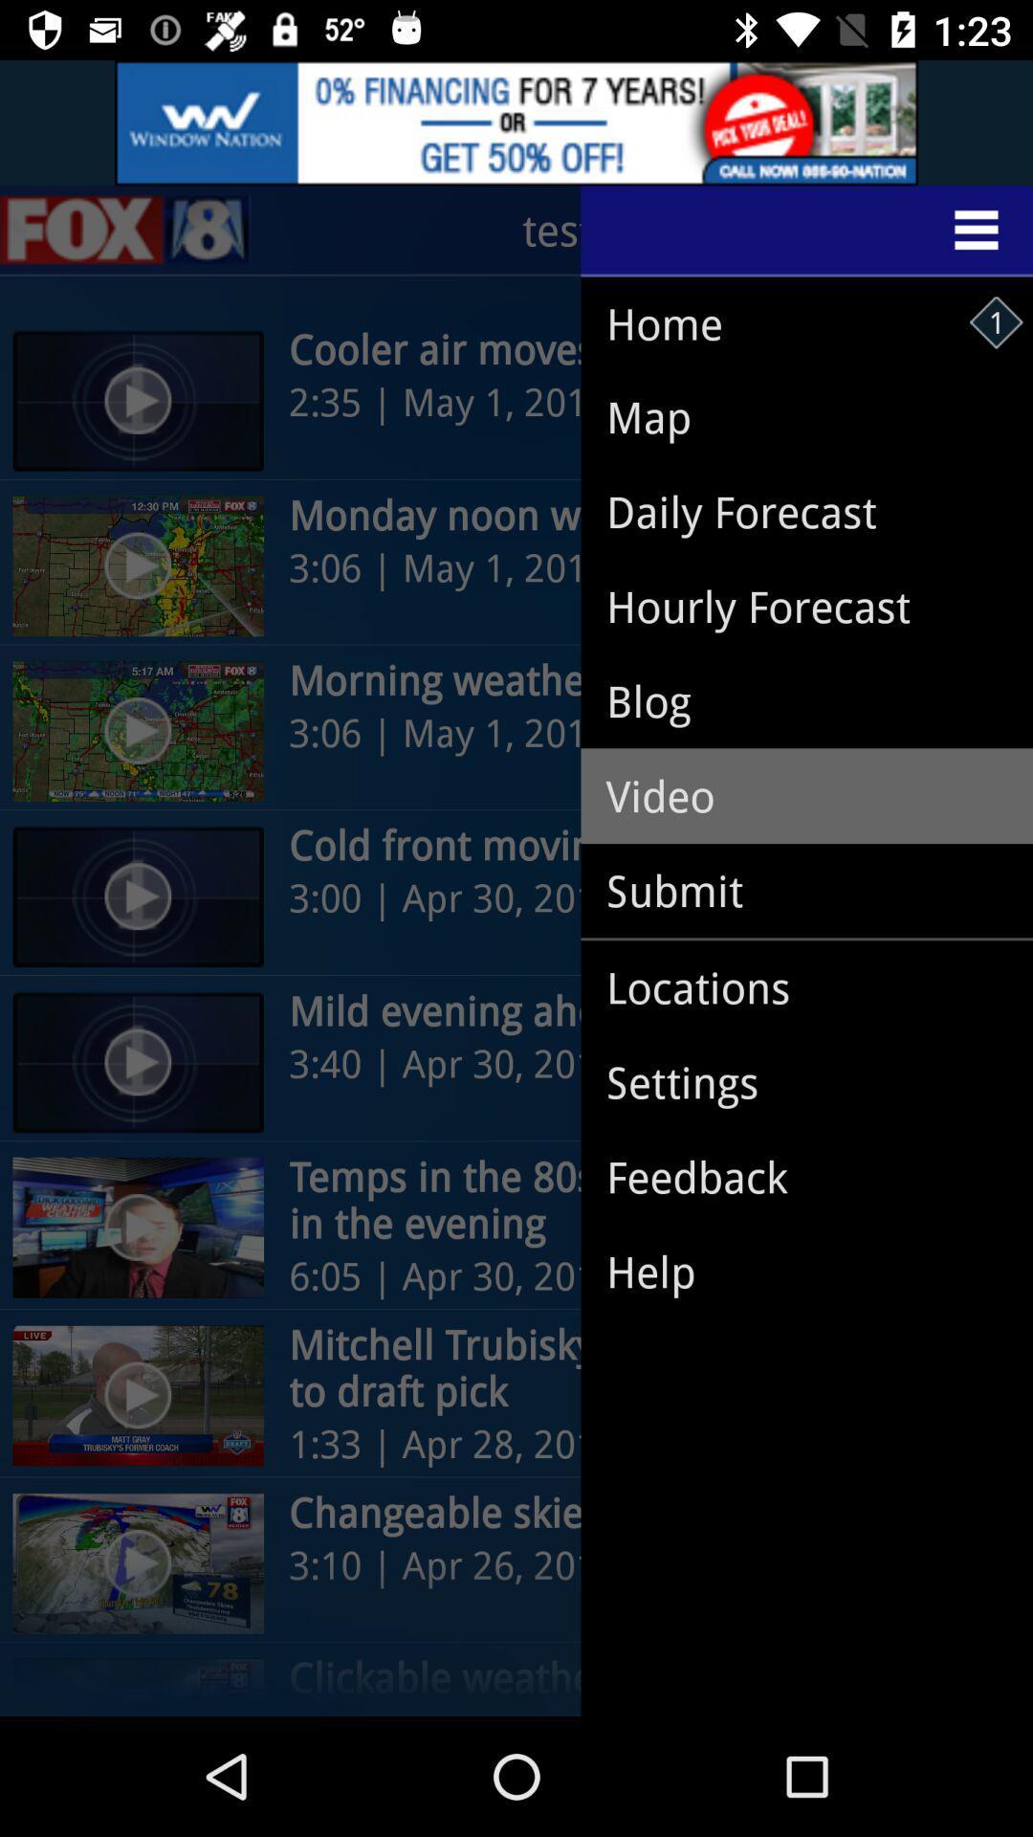 The width and height of the screenshot is (1033, 1837). I want to click on the sliders icon, so click(125, 230).